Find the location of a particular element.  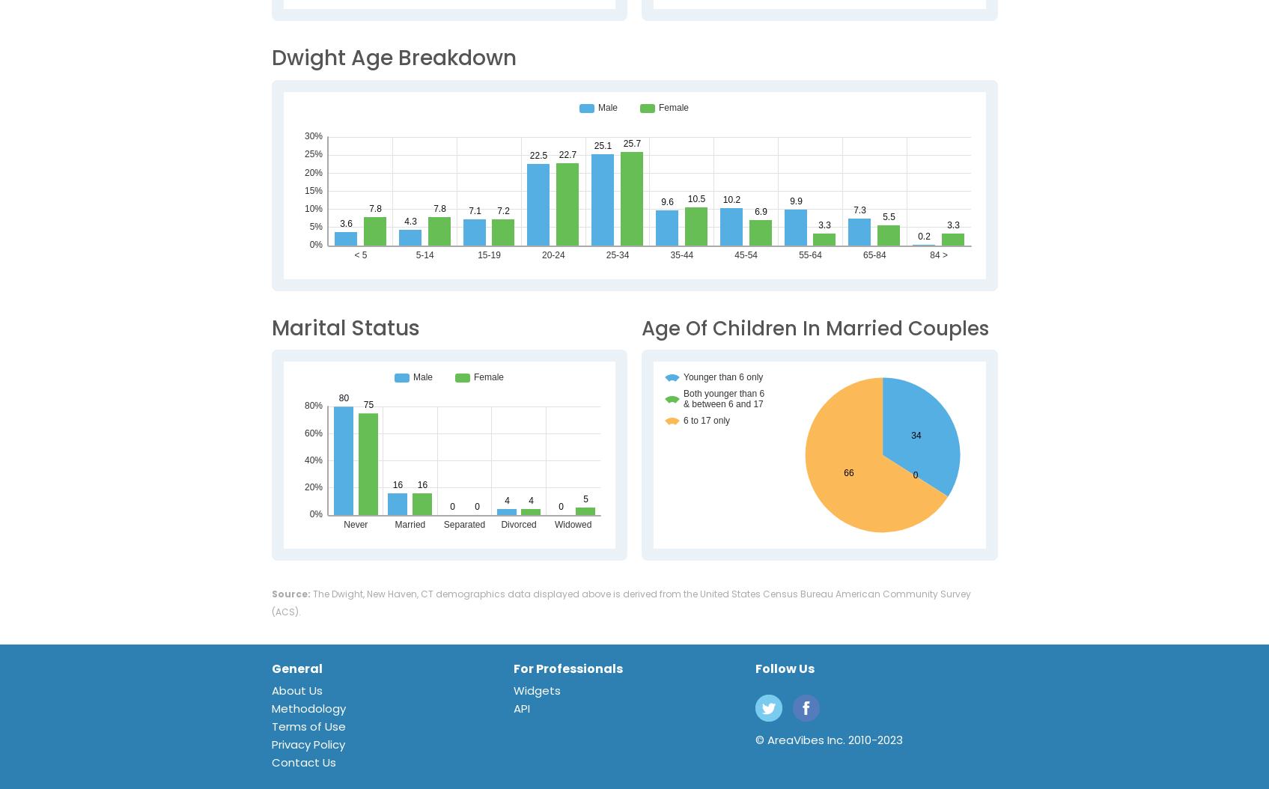

'Terms of Use' is located at coordinates (308, 726).